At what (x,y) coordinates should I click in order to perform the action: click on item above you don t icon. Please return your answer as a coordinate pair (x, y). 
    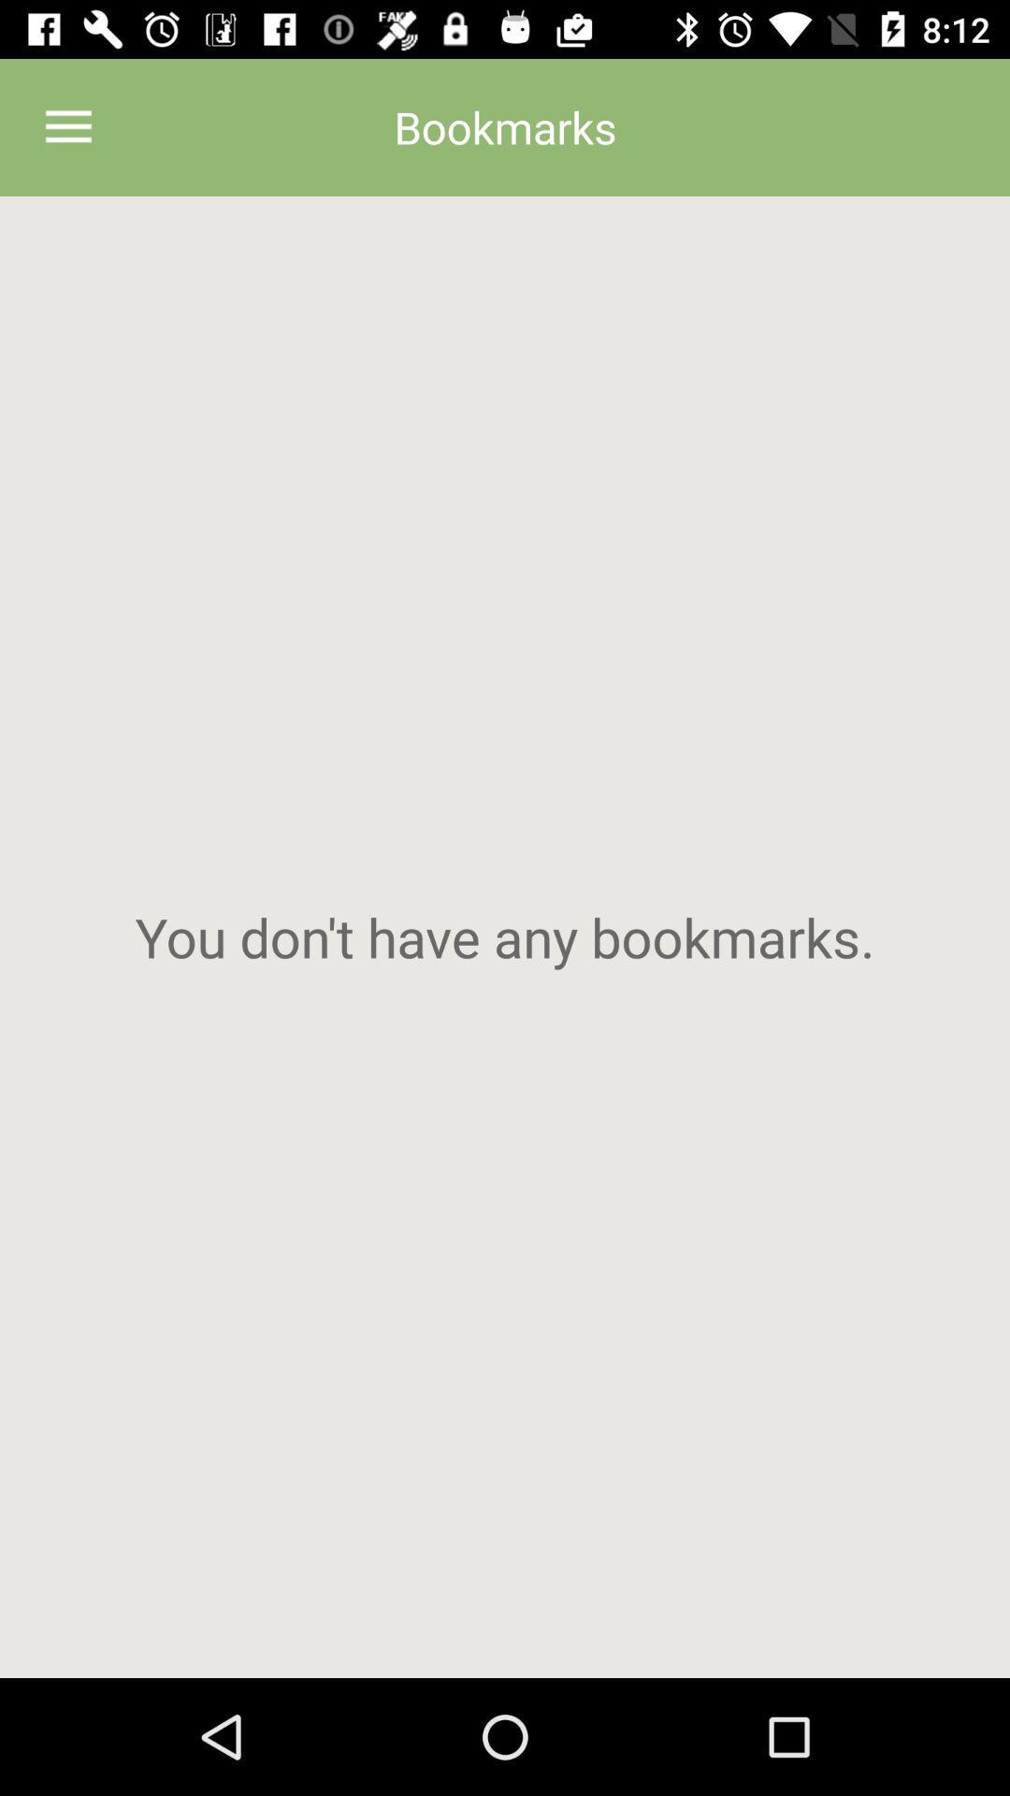
    Looking at the image, I should click on (67, 126).